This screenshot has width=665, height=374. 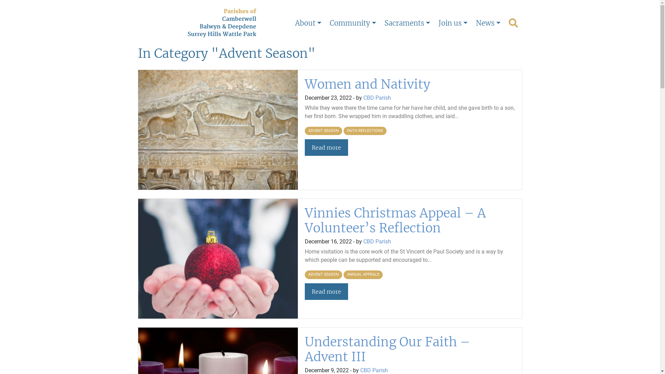 What do you see at coordinates (363, 274) in the screenshot?
I see `'ANNUAL APPEALS'` at bounding box center [363, 274].